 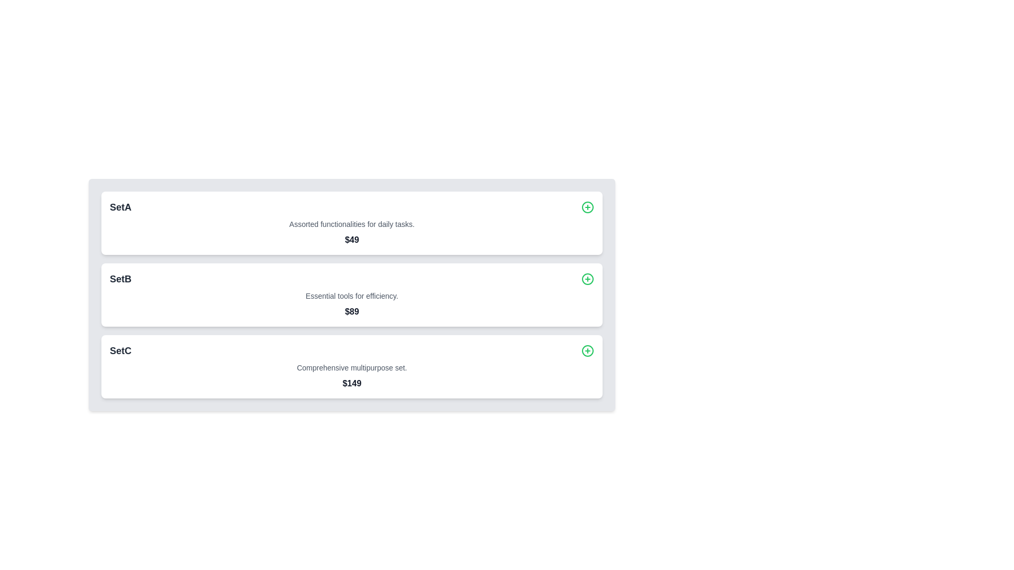 I want to click on text content of the descriptive text label located below the heading 'SetA' and above the price label '$49', so click(x=352, y=223).